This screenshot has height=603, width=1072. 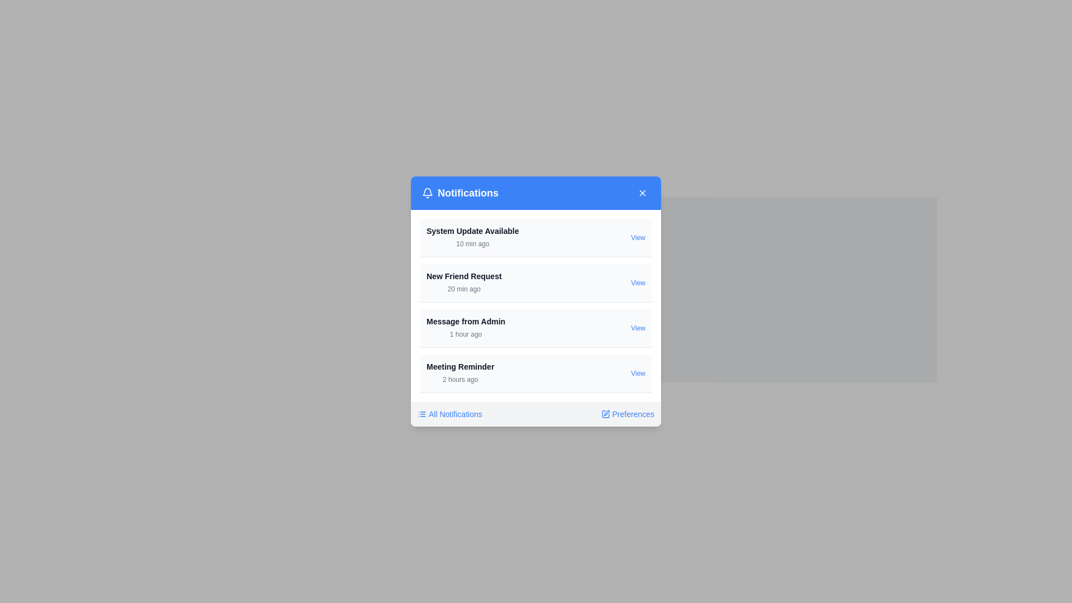 What do you see at coordinates (536, 328) in the screenshot?
I see `the Notification card featuring 'Message from Admin' in the notification panel` at bounding box center [536, 328].